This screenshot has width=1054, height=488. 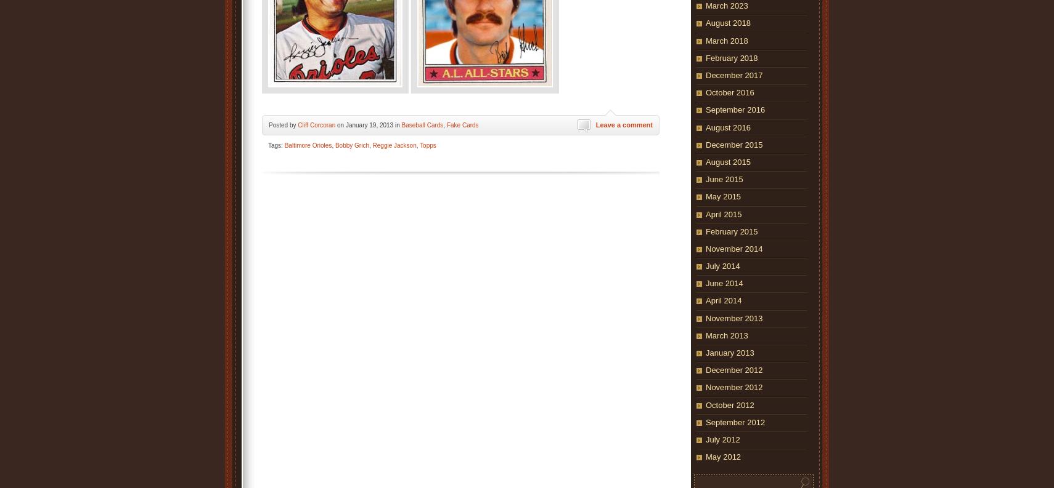 What do you see at coordinates (705, 386) in the screenshot?
I see `'November 2012'` at bounding box center [705, 386].